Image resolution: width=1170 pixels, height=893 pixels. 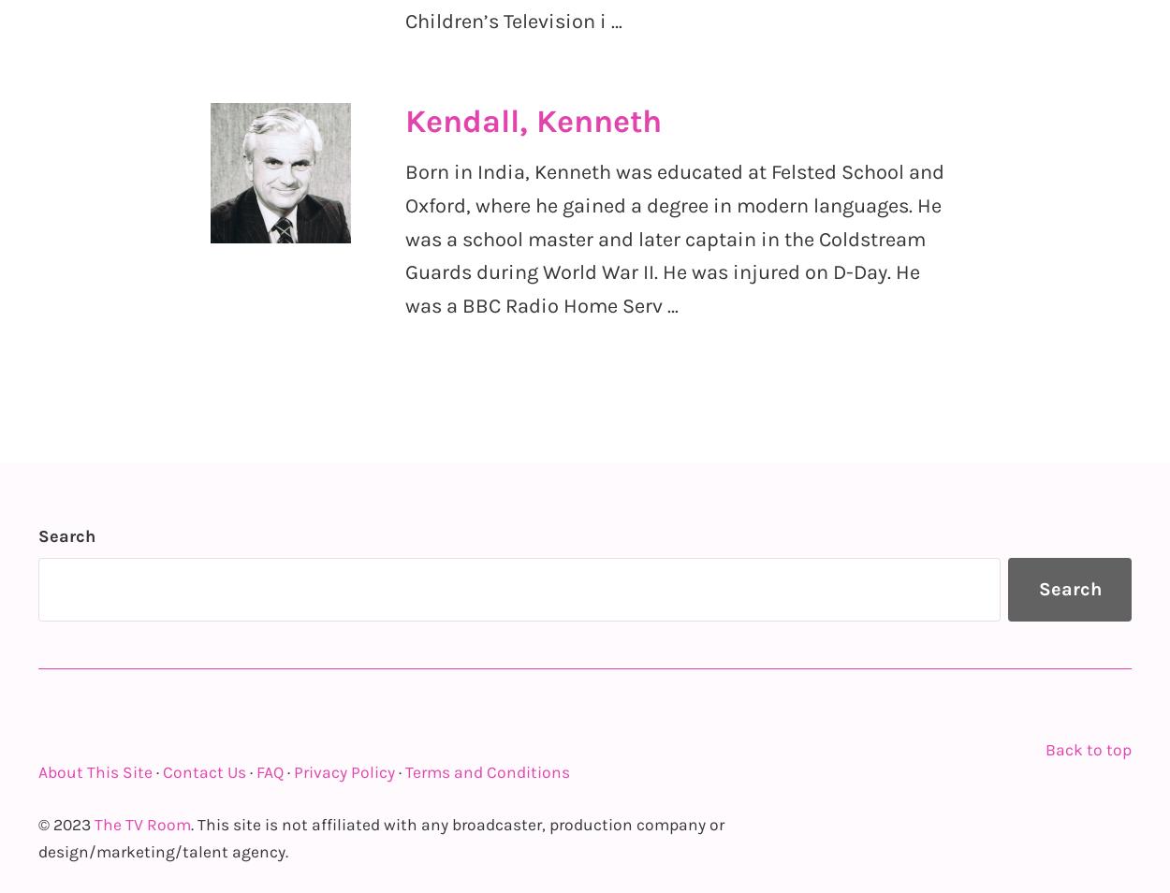 I want to click on '.  This site is not affiliated with any broadcaster, production company or design/marketing/talent agency.', so click(x=381, y=838).